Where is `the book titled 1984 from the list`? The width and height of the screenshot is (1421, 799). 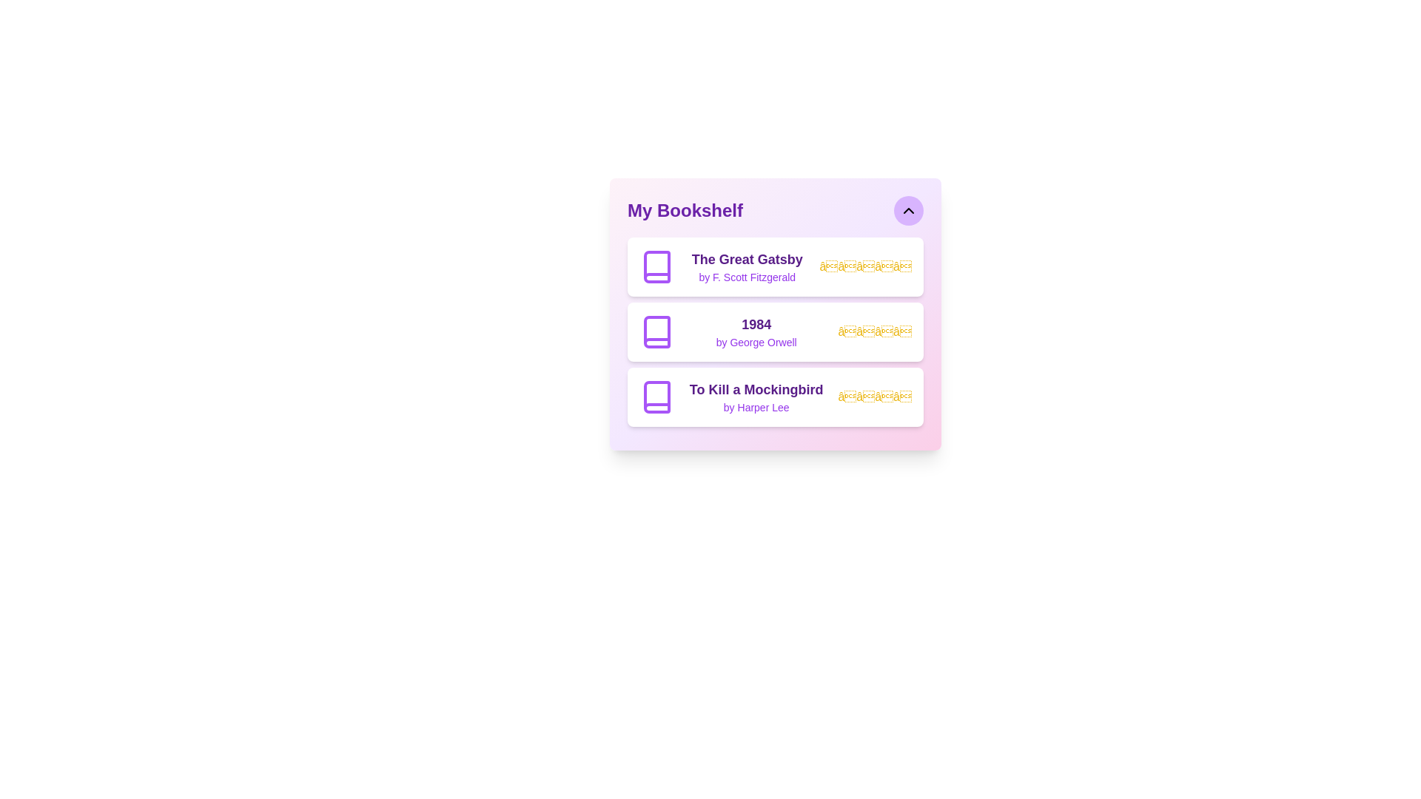 the book titled 1984 from the list is located at coordinates (774, 331).